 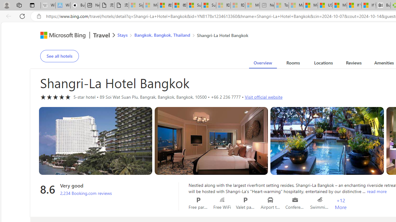 I want to click on 'Stays', so click(x=123, y=35).